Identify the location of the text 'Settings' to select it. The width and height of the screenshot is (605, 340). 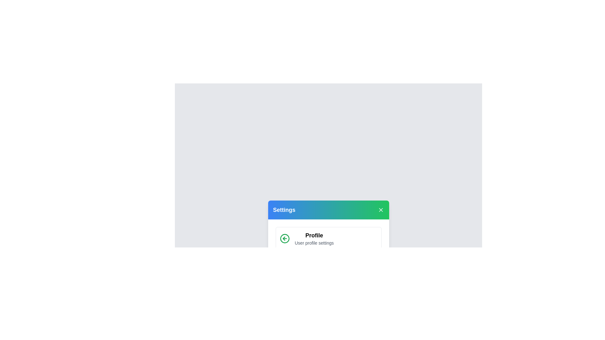
(284, 210).